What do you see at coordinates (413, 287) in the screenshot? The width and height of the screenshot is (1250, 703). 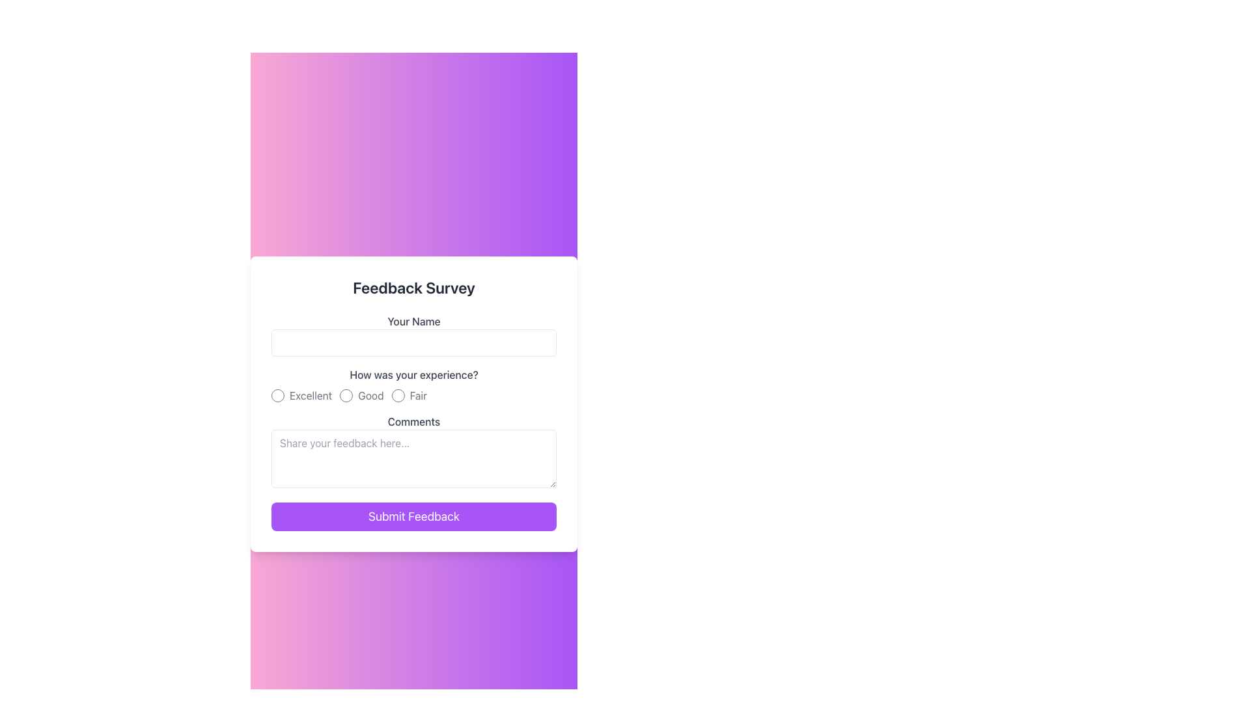 I see `the static text header of the feedback survey form, which indicates the purpose of the form and is positioned above the 'Your Name' section` at bounding box center [413, 287].